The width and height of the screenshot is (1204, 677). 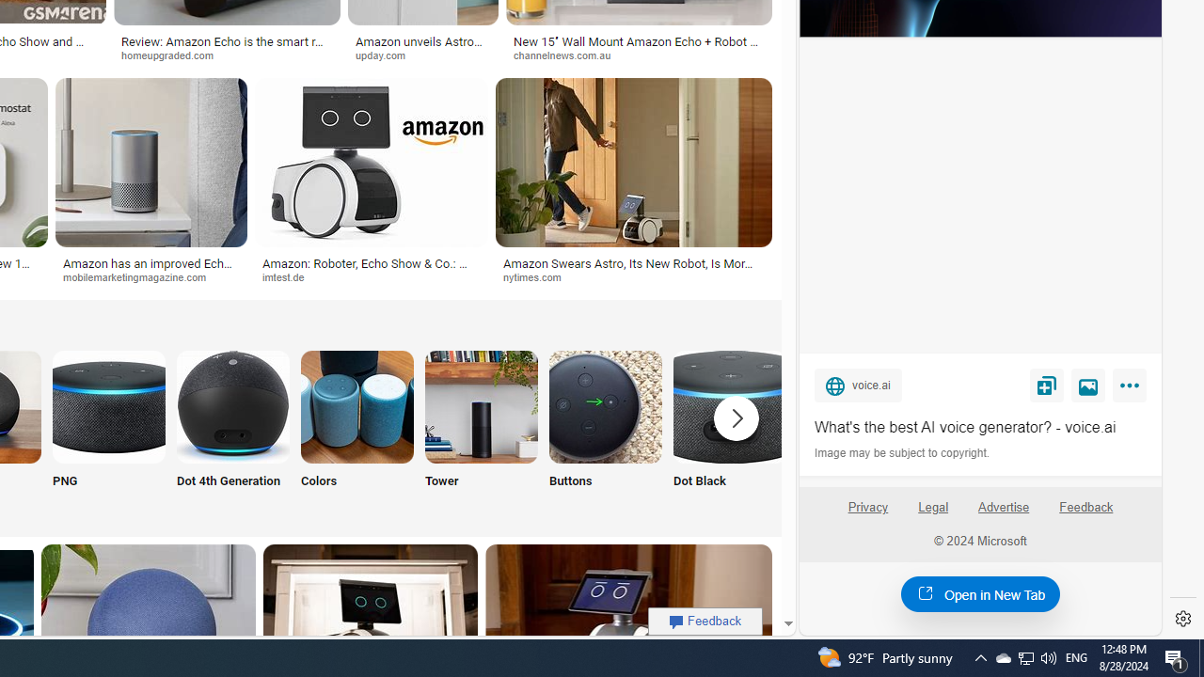 I want to click on 'Amazon Echo Buttons Buttons', so click(x=605, y=431).